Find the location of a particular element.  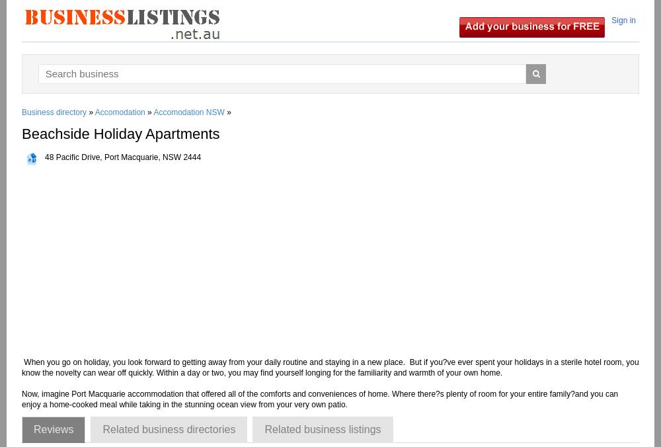

'Related business listings' is located at coordinates (264, 429).